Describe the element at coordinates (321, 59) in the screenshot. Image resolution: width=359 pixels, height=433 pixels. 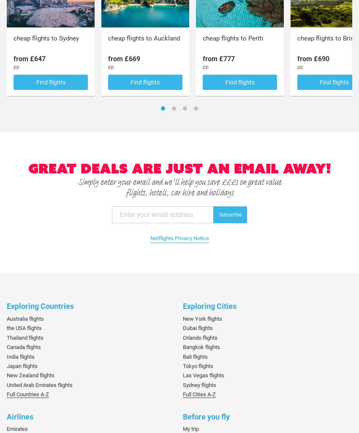
I see `'£690'` at that location.